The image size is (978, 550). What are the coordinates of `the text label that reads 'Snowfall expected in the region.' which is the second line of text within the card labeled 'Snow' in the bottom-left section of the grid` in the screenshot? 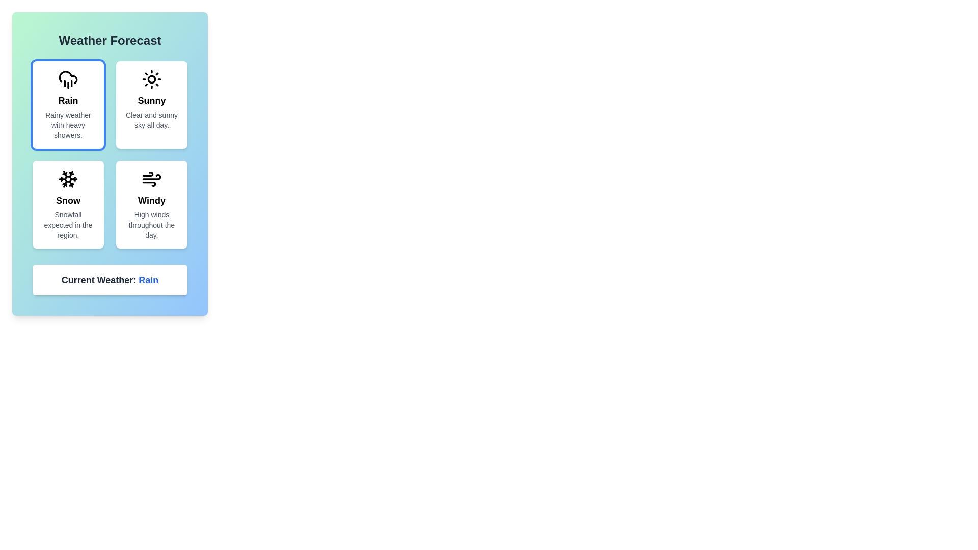 It's located at (68, 225).